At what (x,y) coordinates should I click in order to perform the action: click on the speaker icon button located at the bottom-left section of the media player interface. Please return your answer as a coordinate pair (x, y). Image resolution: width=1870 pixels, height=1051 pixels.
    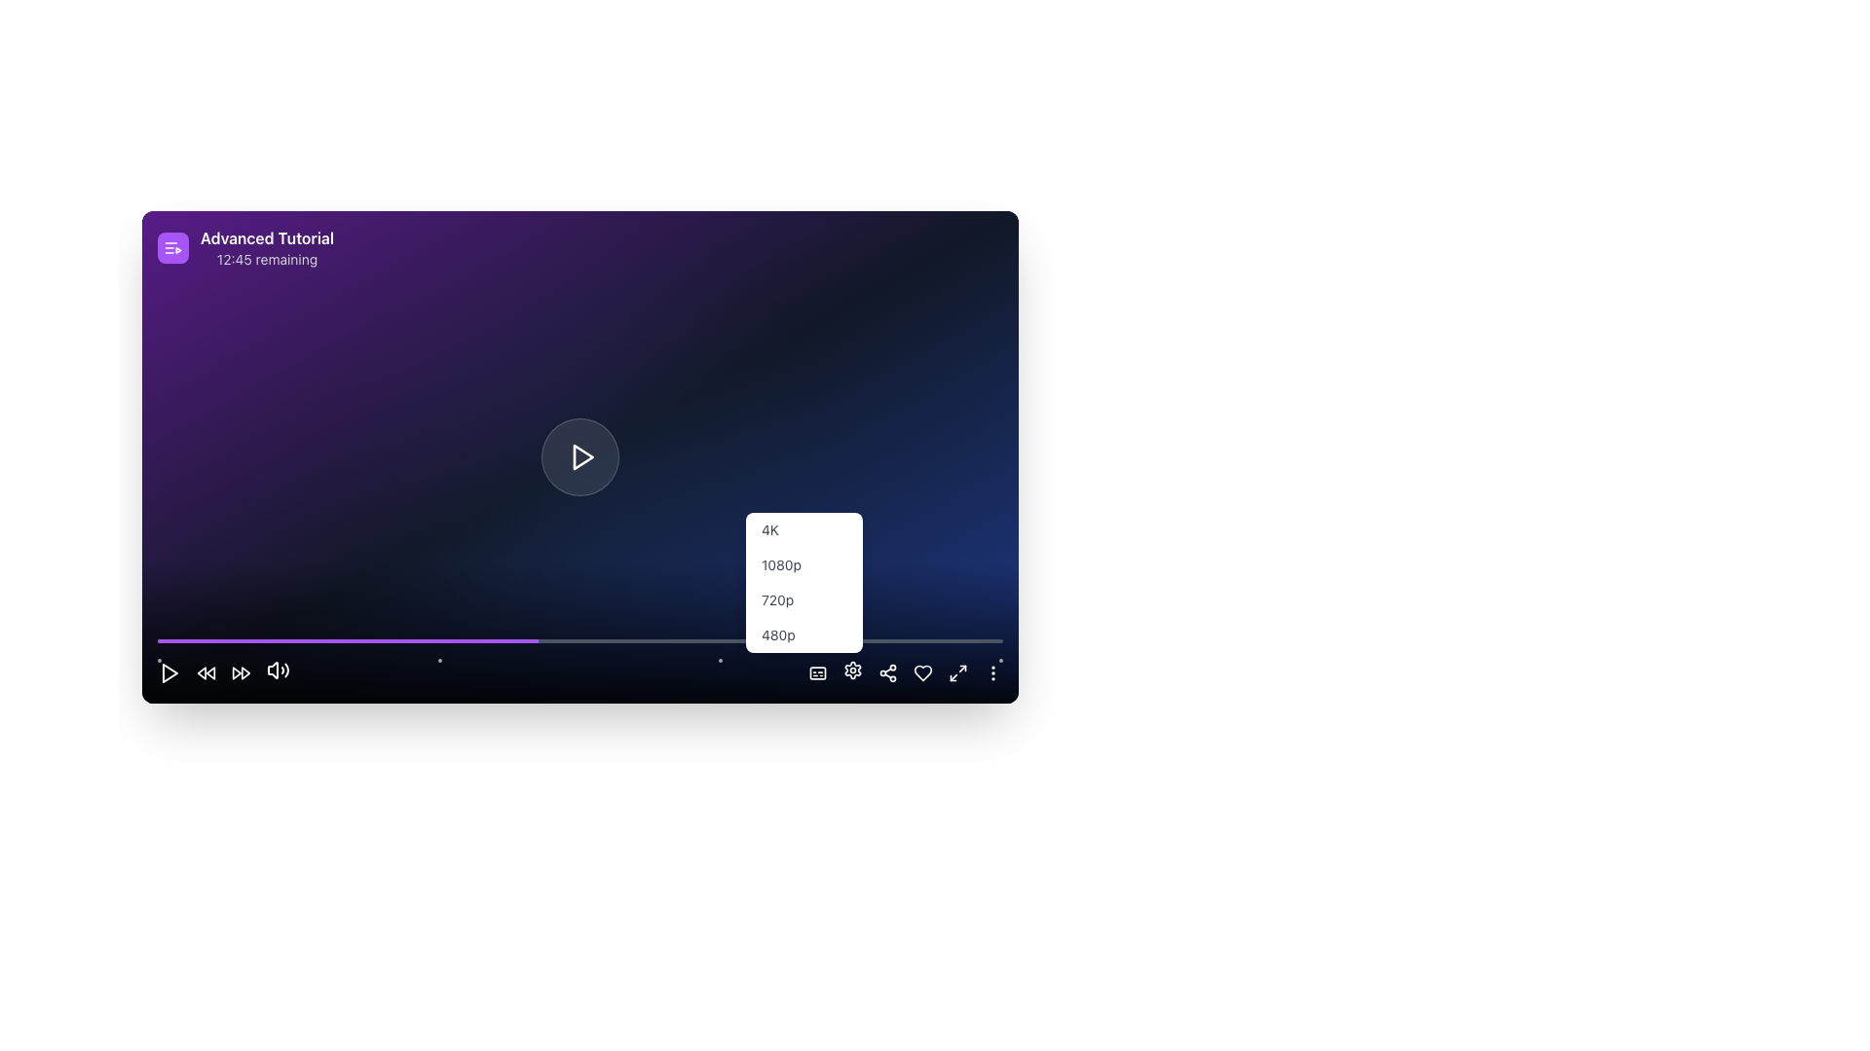
    Looking at the image, I should click on (278, 670).